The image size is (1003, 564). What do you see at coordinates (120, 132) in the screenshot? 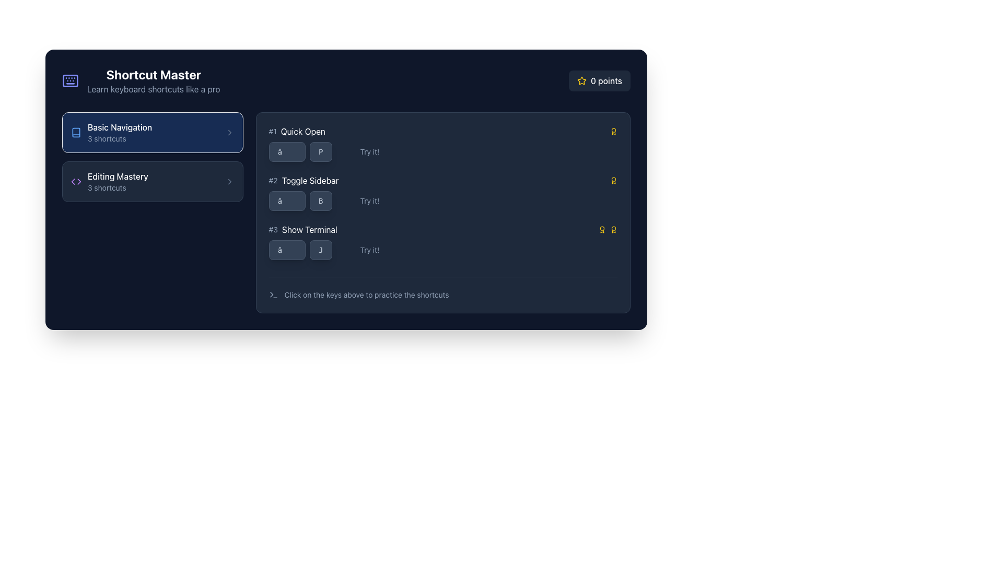
I see `information from the Text element that describes 'Basic Navigation' and the number of shortcuts available, located in the top half of a blue card on the left side of the layout` at bounding box center [120, 132].